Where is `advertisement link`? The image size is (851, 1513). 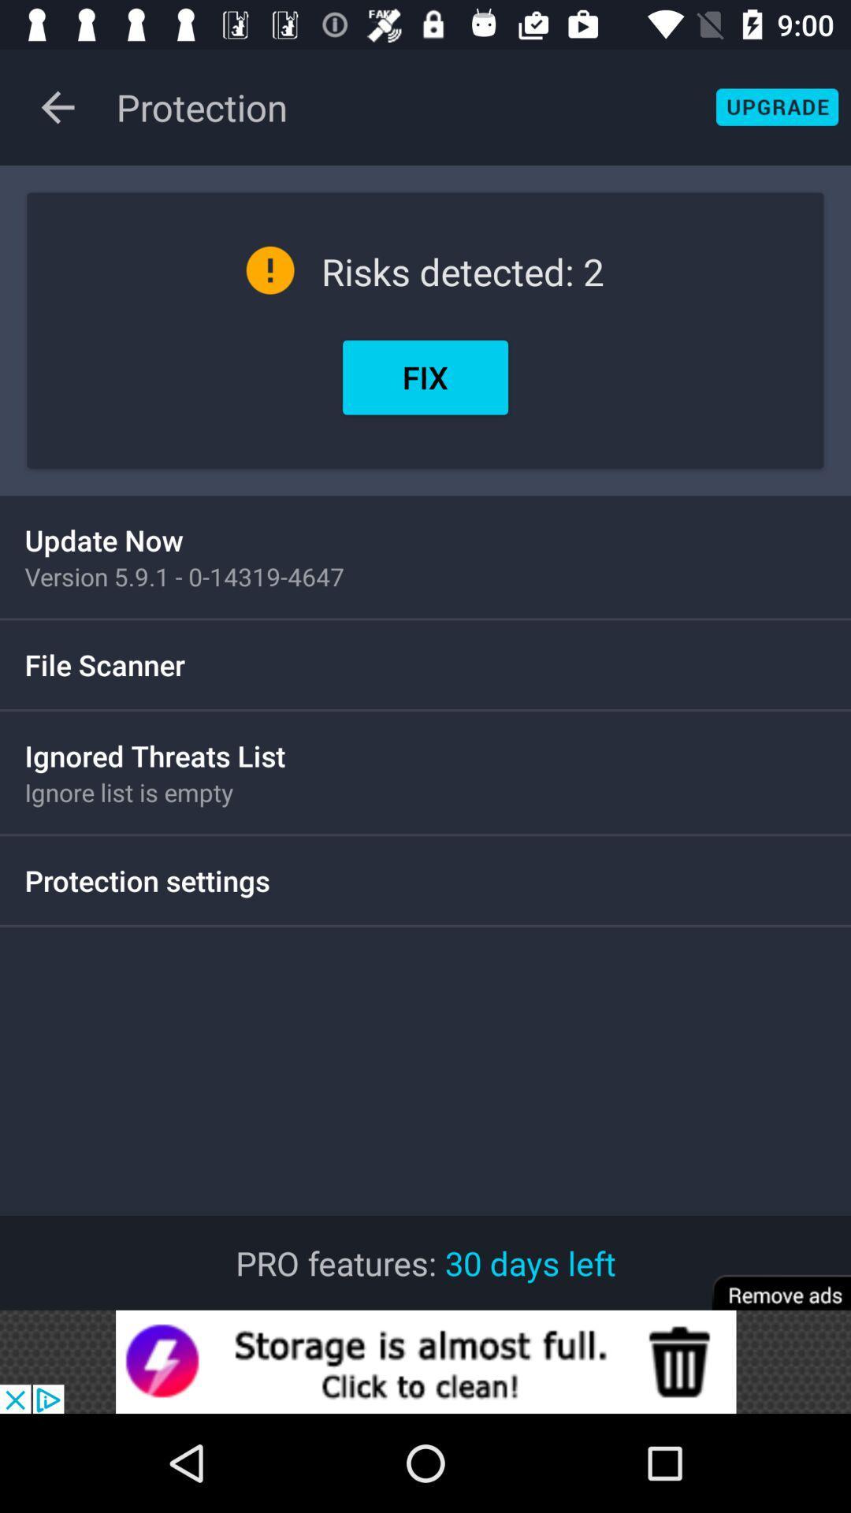
advertisement link is located at coordinates (425, 1361).